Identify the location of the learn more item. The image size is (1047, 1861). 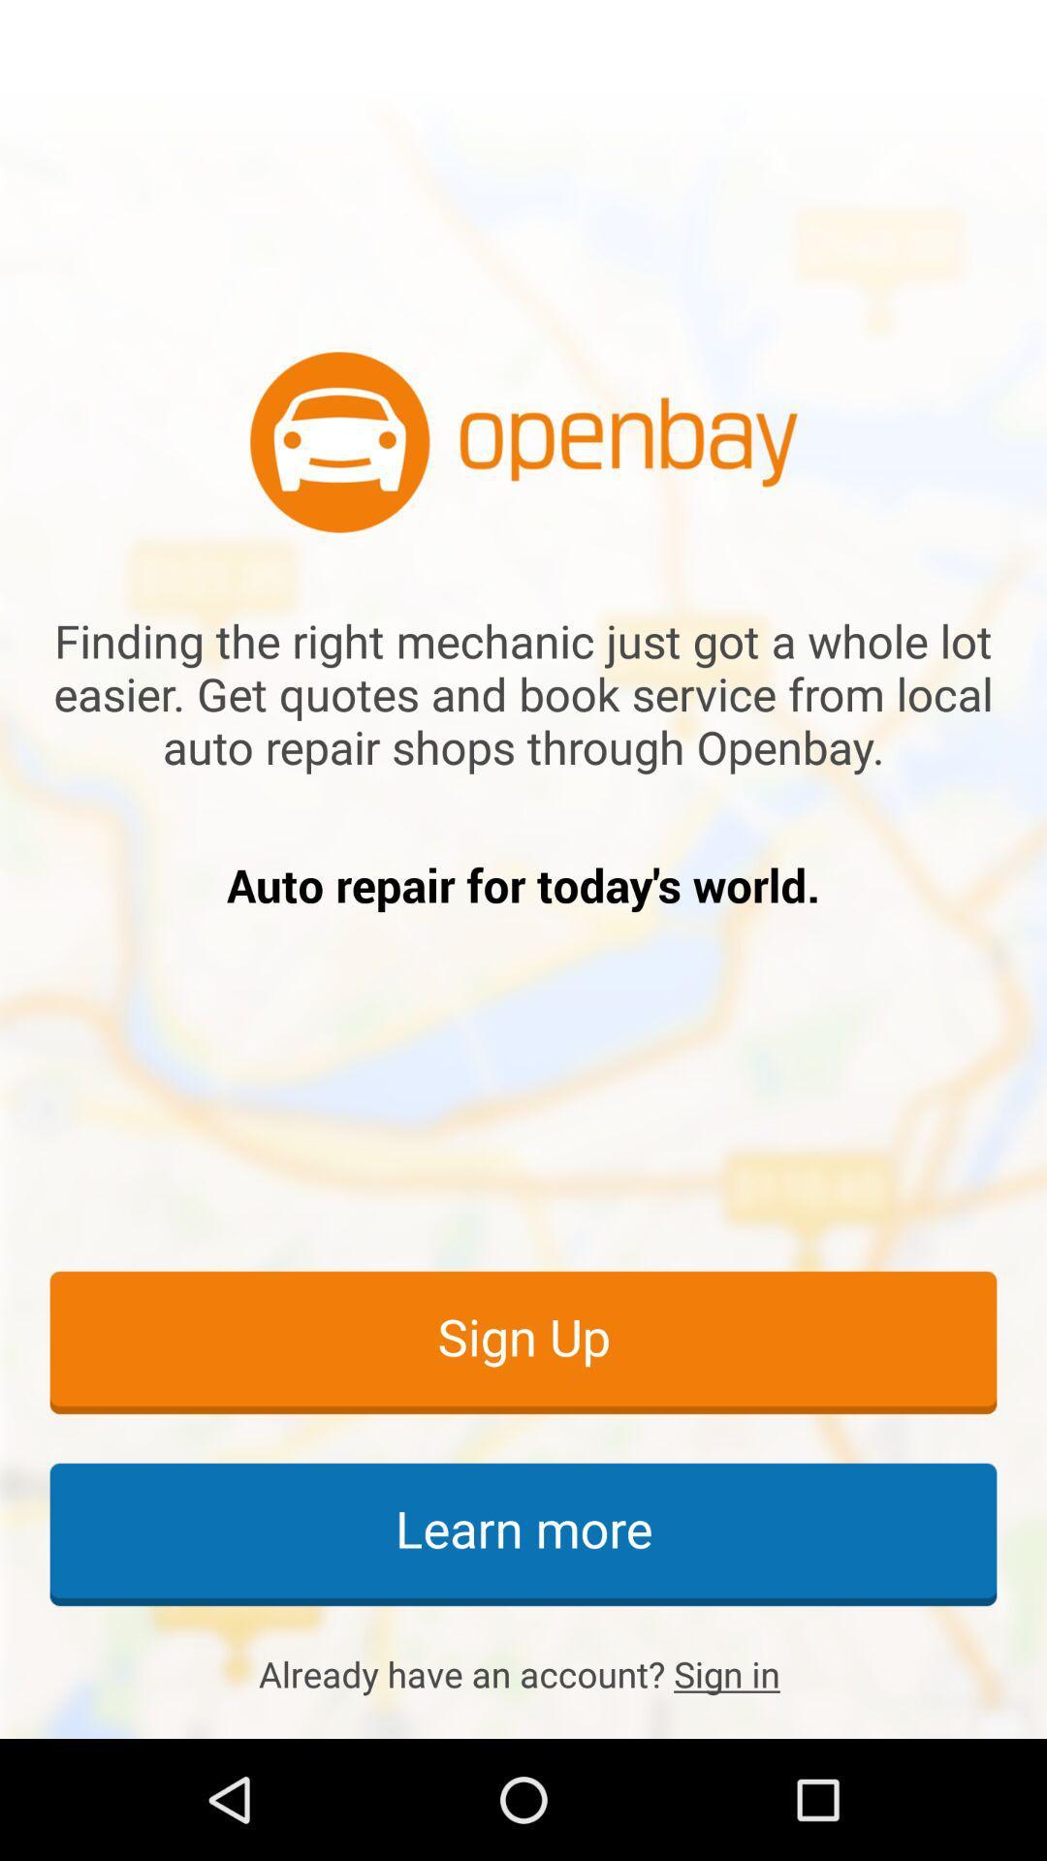
(523, 1532).